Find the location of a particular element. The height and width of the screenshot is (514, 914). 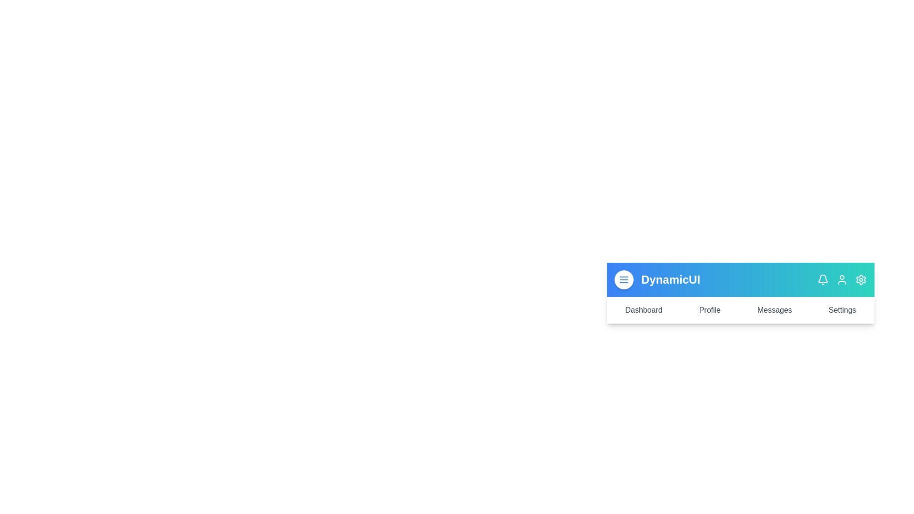

the notification icon to view notifications is located at coordinates (822, 279).